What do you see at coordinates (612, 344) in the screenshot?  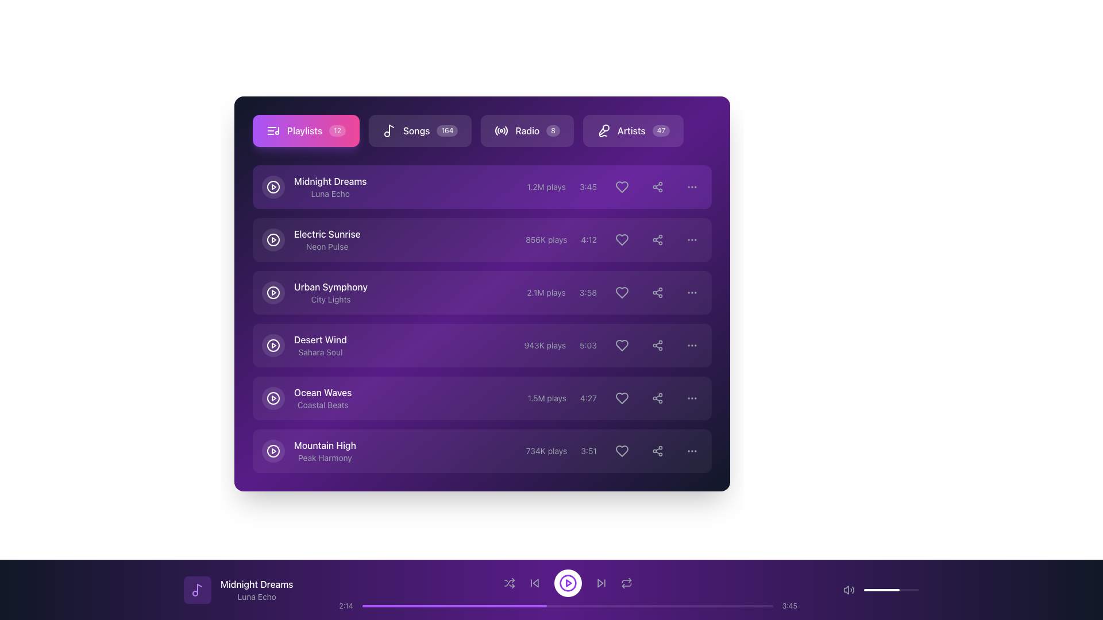 I see `the heart-shaped icon with a text-gray-400 color, which is the third icon in a horizontal row` at bounding box center [612, 344].